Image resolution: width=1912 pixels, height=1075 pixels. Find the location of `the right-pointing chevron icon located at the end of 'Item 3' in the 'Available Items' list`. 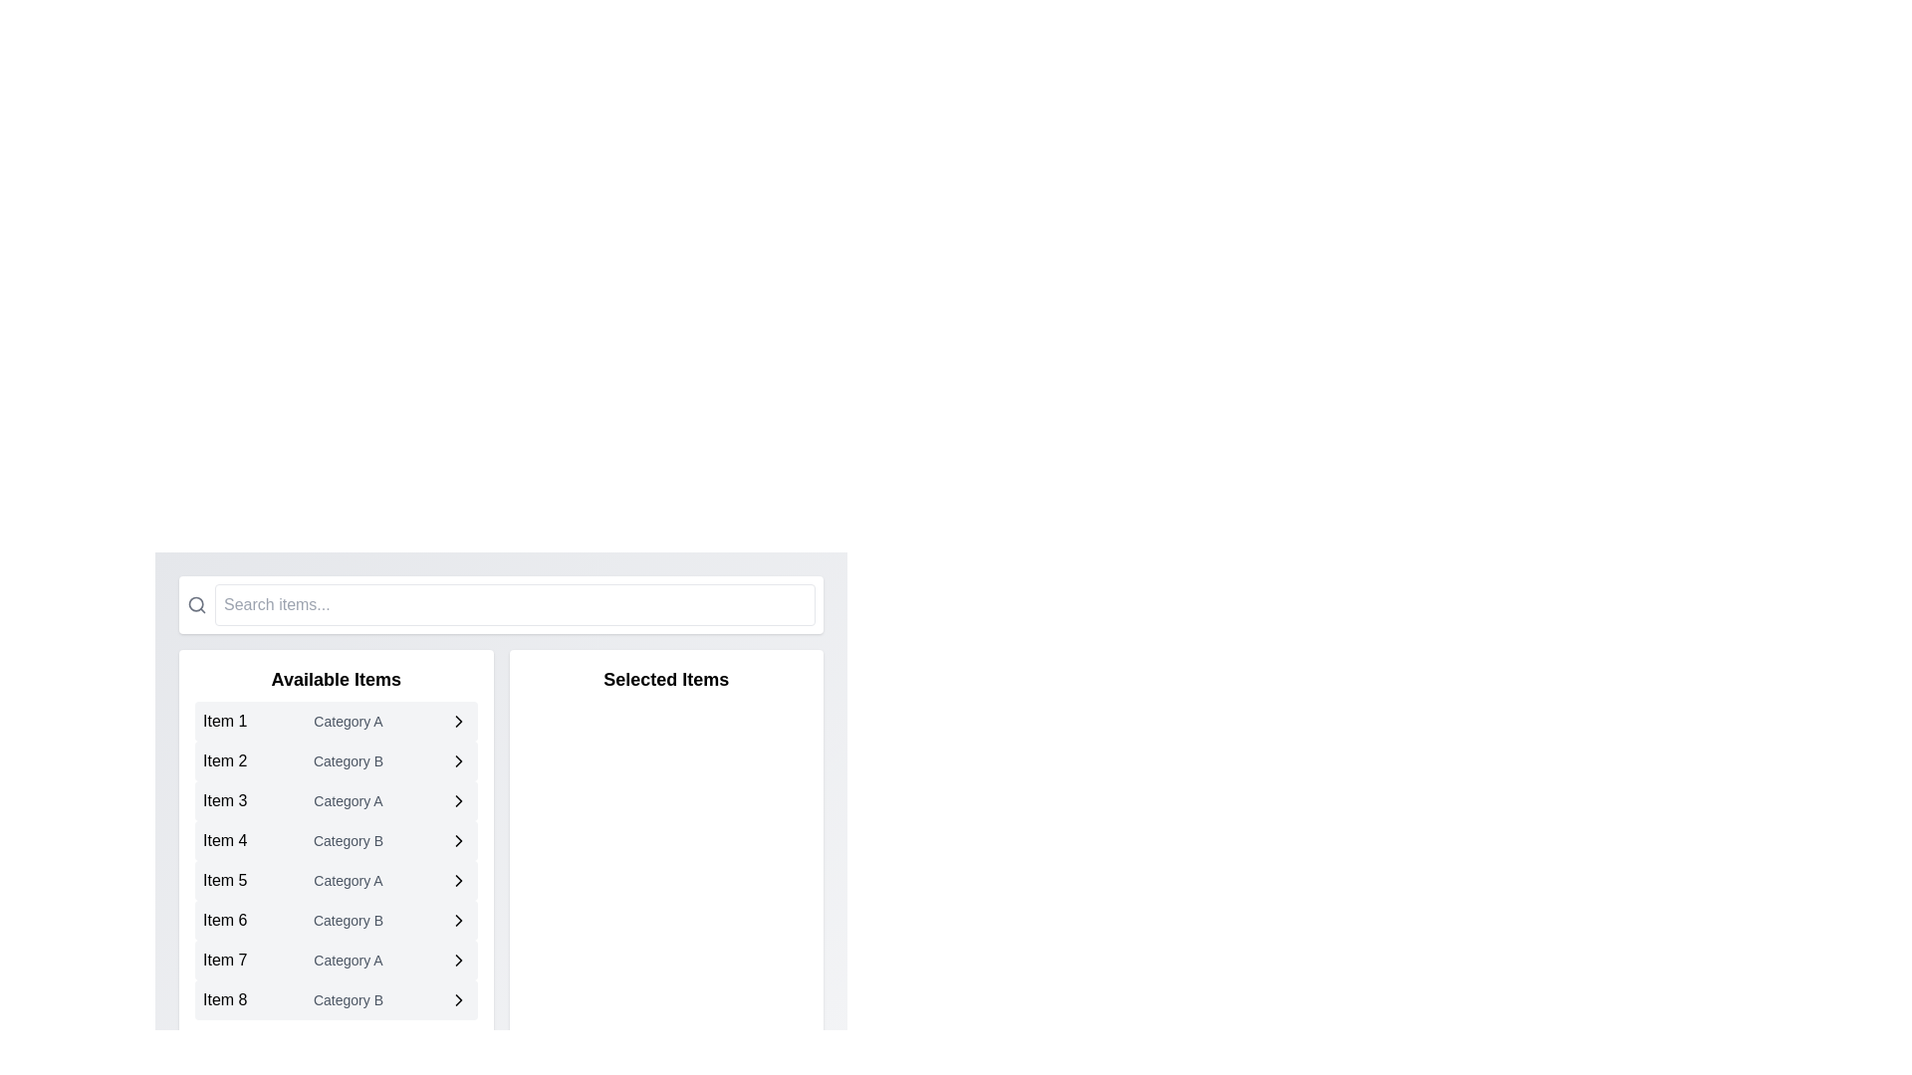

the right-pointing chevron icon located at the end of 'Item 3' in the 'Available Items' list is located at coordinates (458, 800).